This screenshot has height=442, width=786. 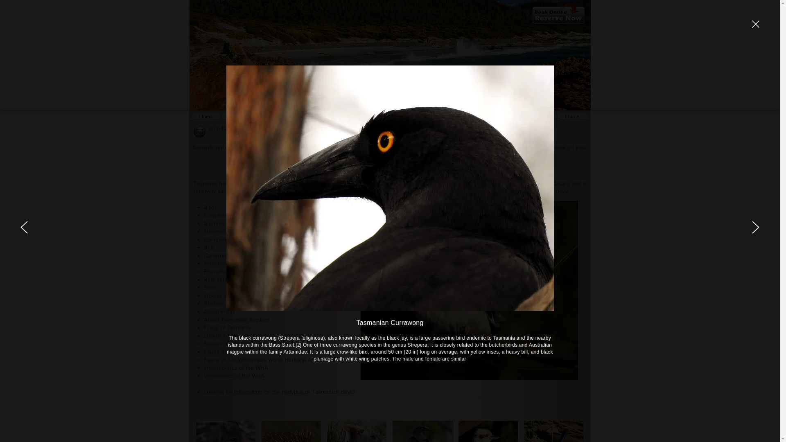 What do you see at coordinates (210, 206) in the screenshot?
I see `'Birds'` at bounding box center [210, 206].